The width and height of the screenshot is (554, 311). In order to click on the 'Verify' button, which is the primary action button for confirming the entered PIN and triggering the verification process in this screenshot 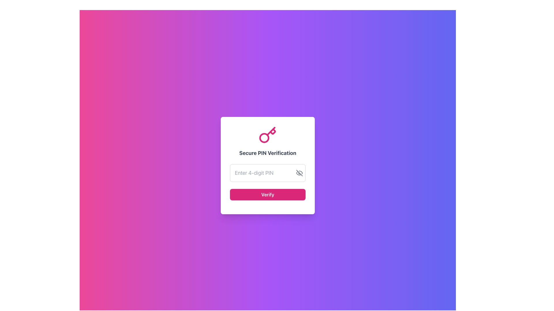, I will do `click(267, 194)`.